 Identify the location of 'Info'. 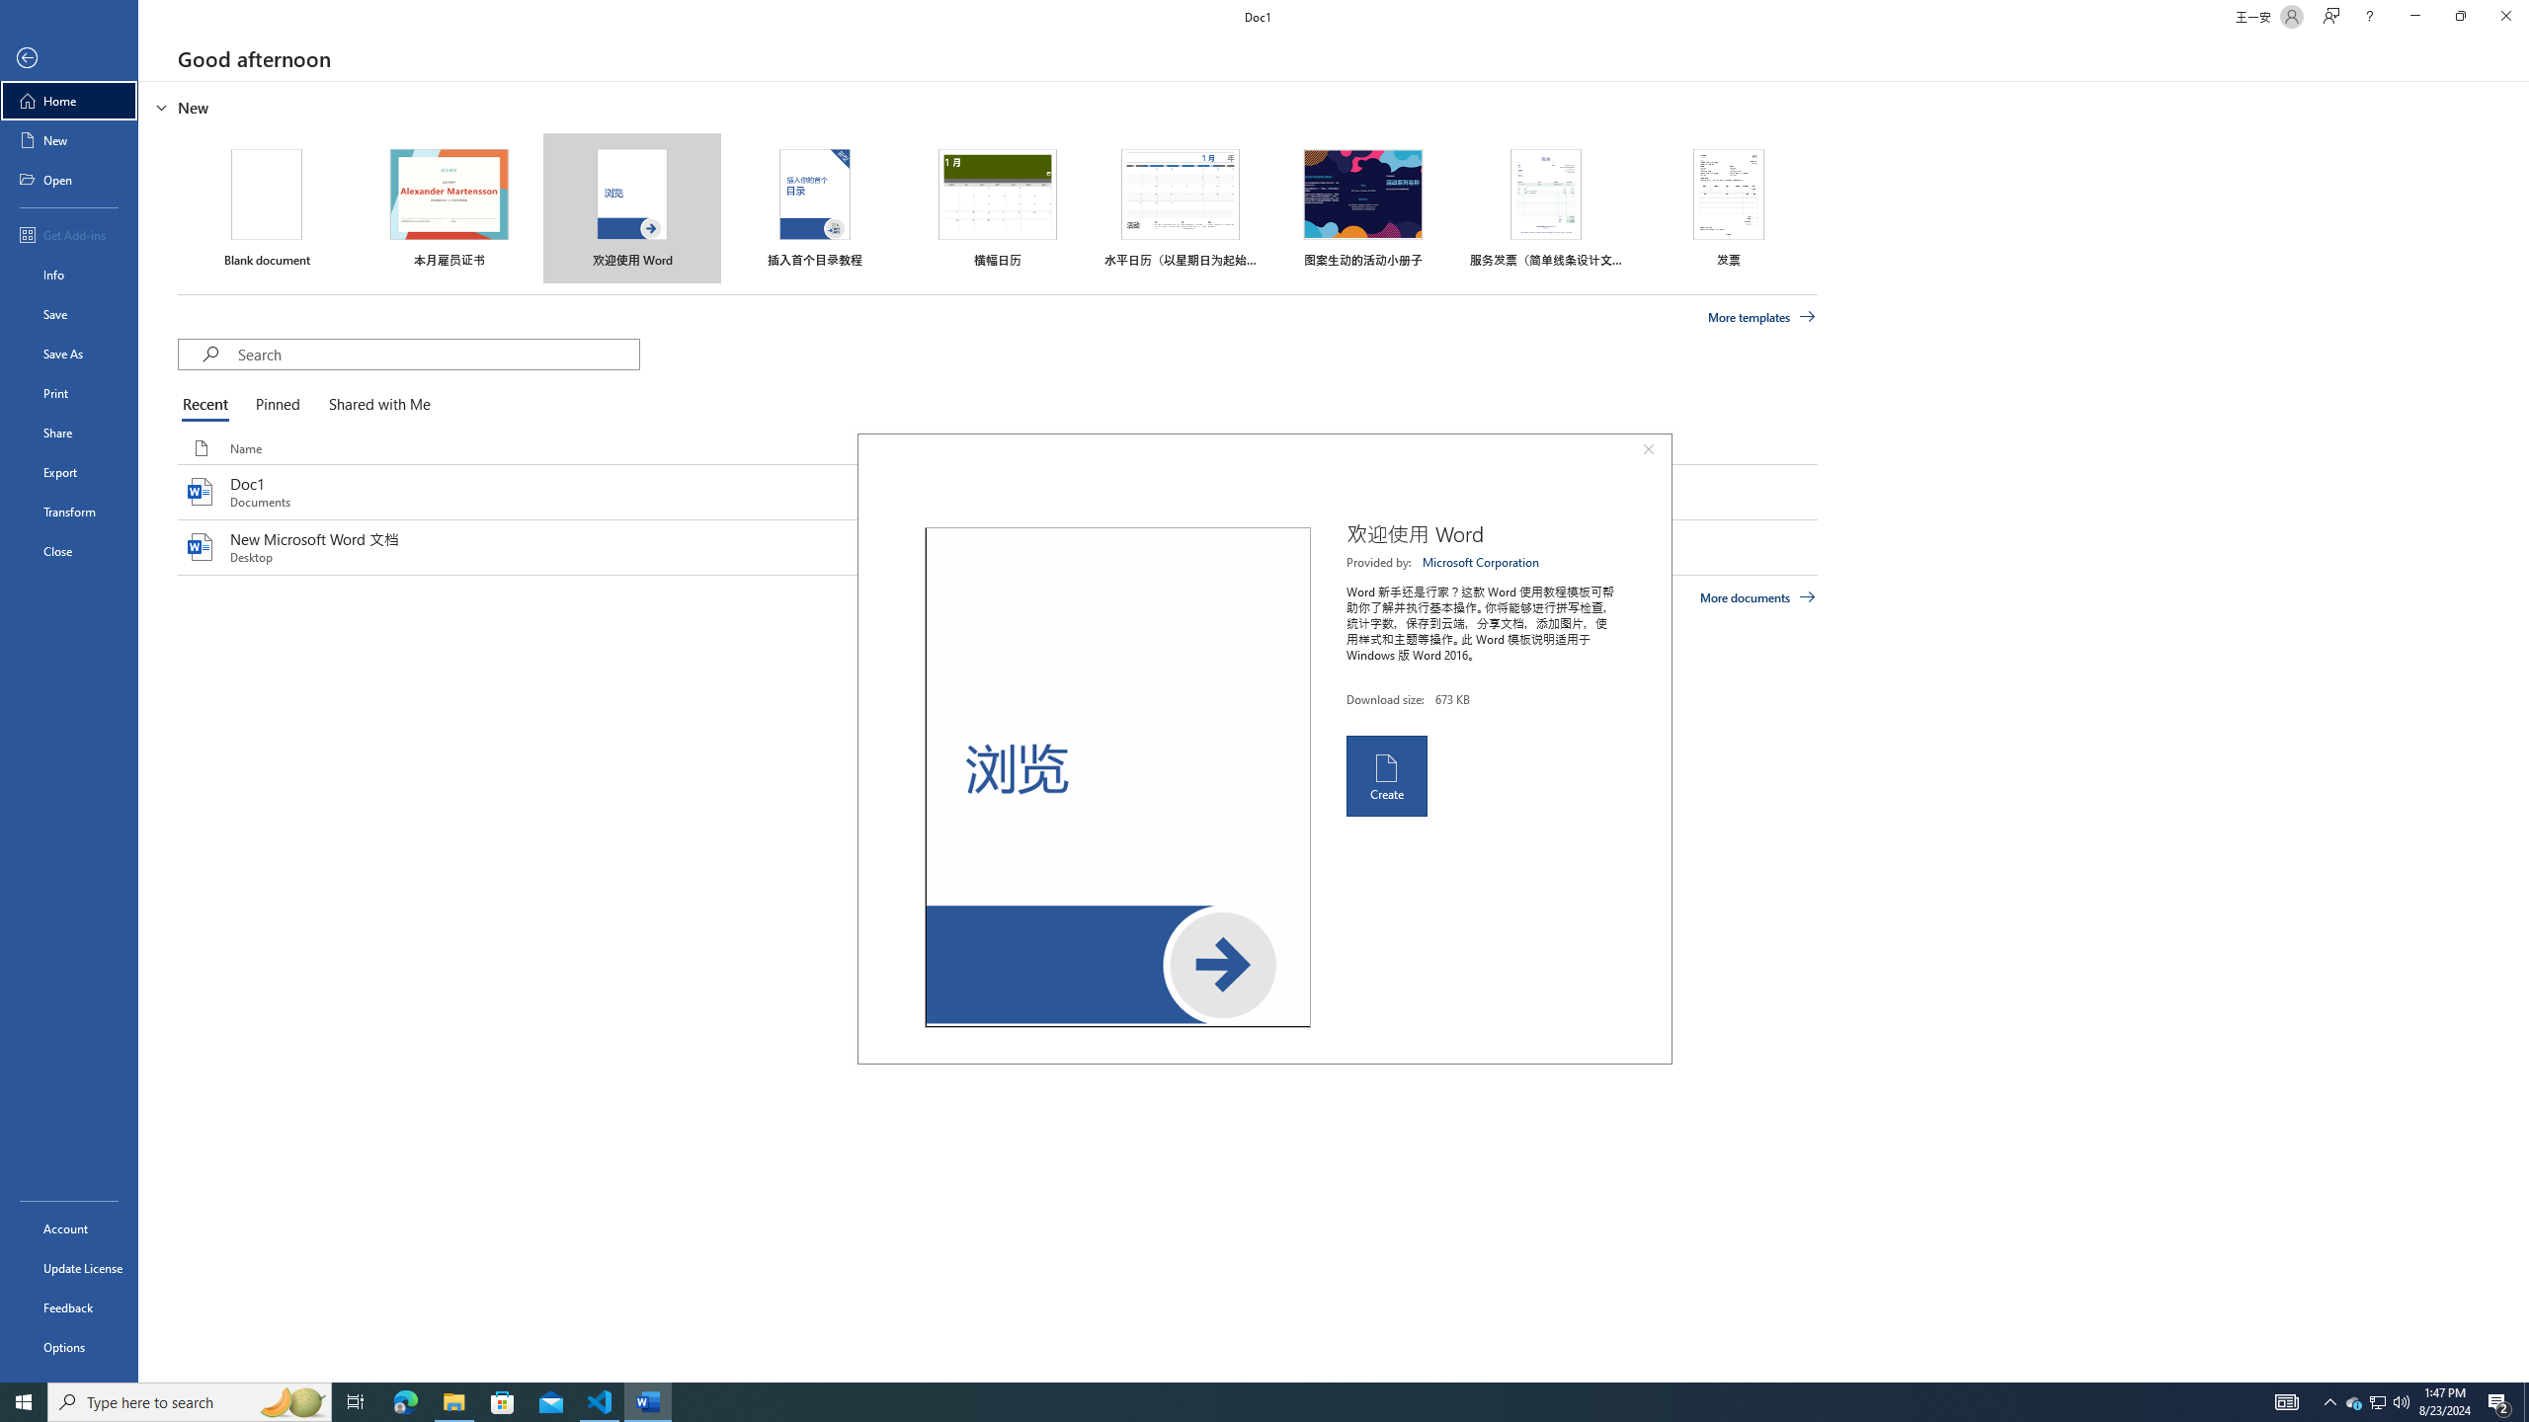
(68, 273).